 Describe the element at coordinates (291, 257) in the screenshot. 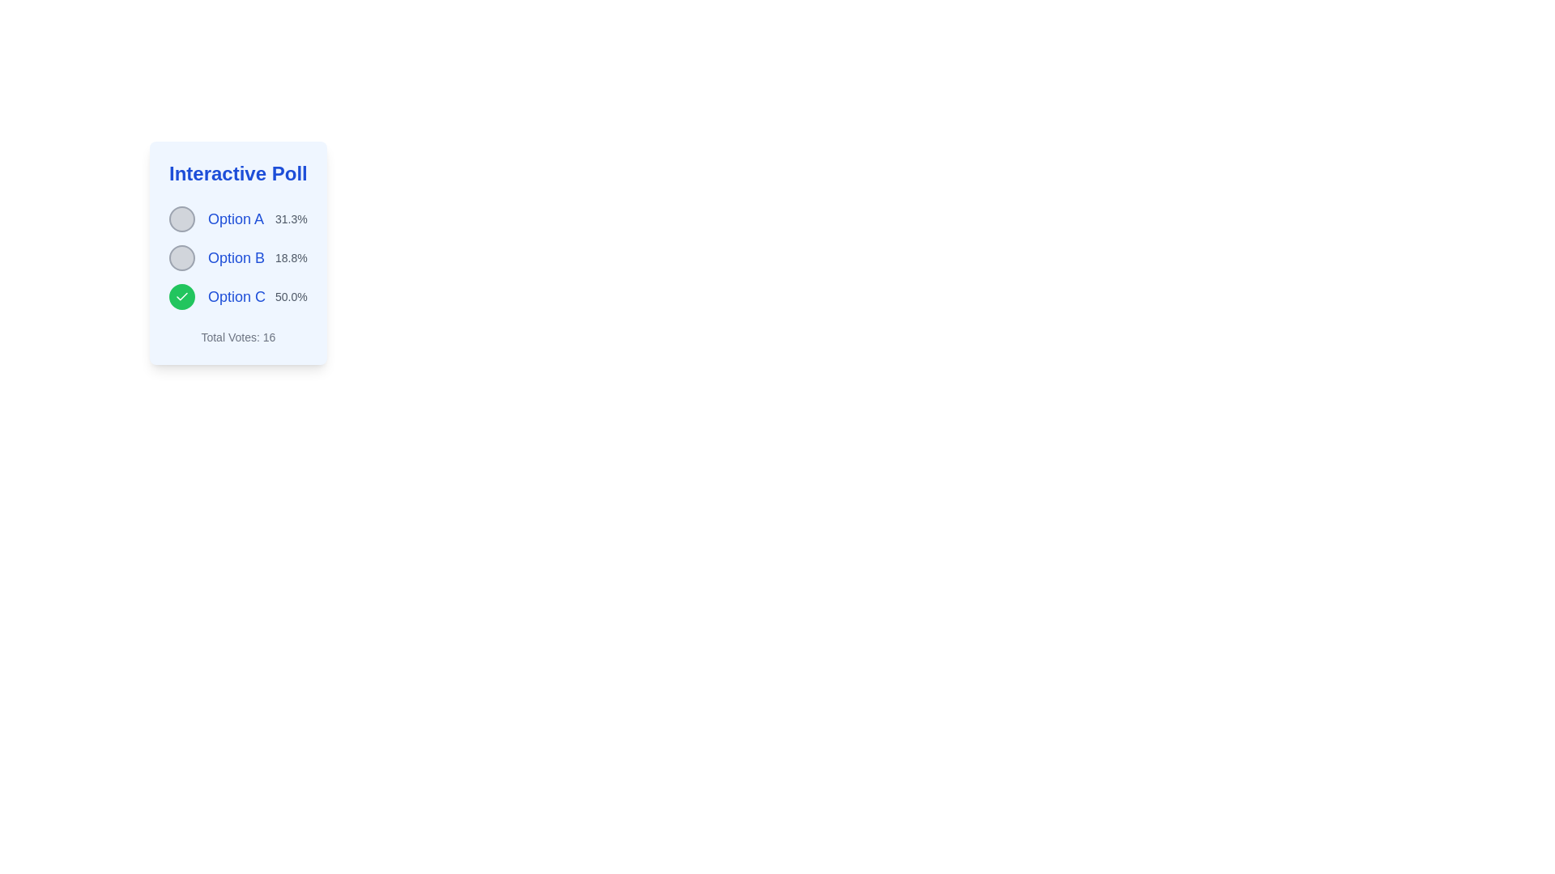

I see `the label displaying '18.8%' which is styled in small, gray-colored font and positioned to the right of 'Option B'` at that location.